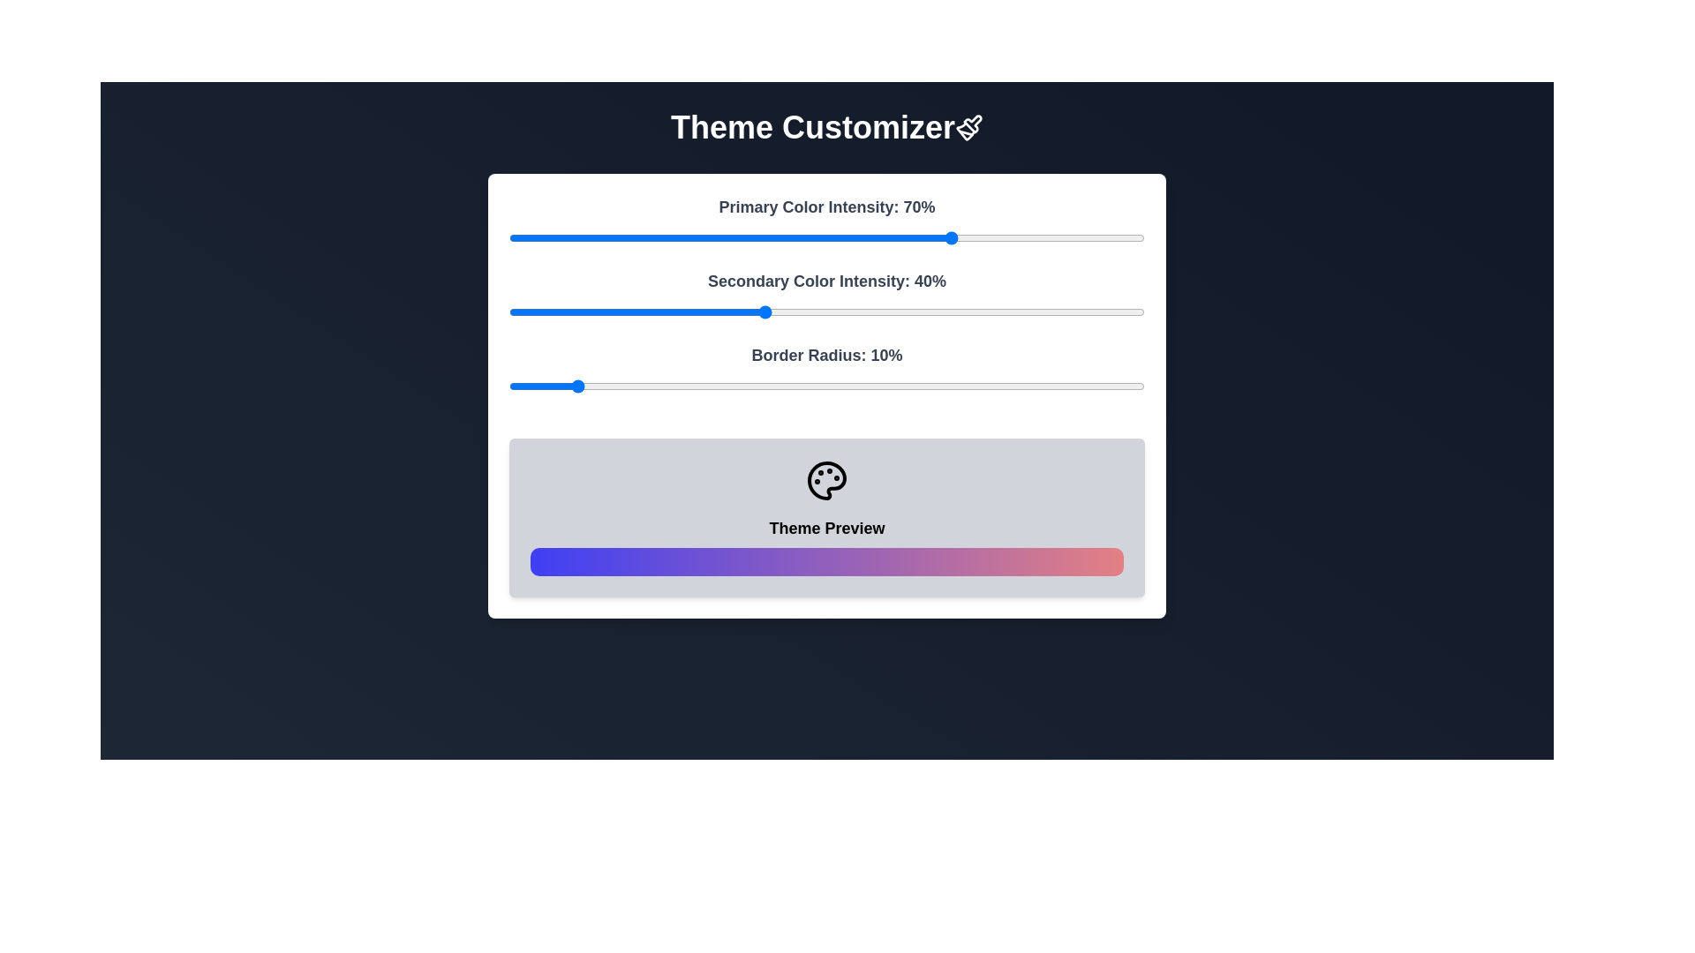 This screenshot has height=953, width=1695. Describe the element at coordinates (1011, 386) in the screenshot. I see `the Border Radius slider to 79%` at that location.